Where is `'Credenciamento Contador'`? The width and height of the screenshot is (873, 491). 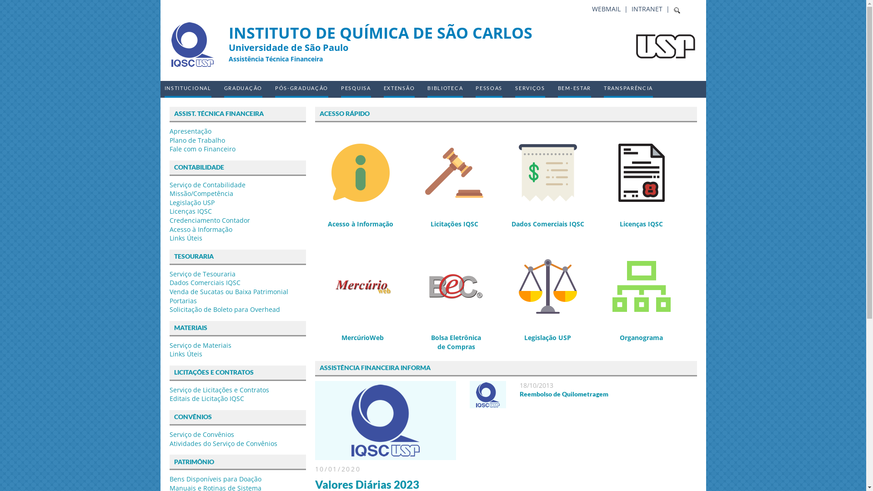
'Credenciamento Contador' is located at coordinates (209, 220).